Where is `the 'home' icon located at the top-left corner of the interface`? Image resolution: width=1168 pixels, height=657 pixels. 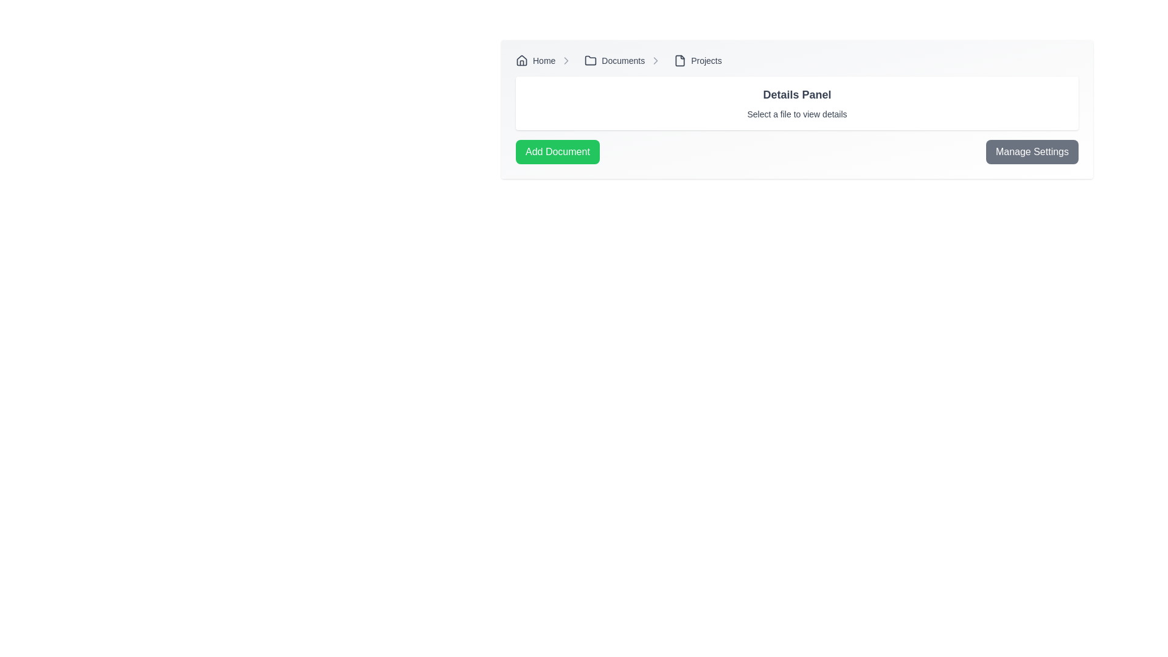 the 'home' icon located at the top-left corner of the interface is located at coordinates (522, 60).